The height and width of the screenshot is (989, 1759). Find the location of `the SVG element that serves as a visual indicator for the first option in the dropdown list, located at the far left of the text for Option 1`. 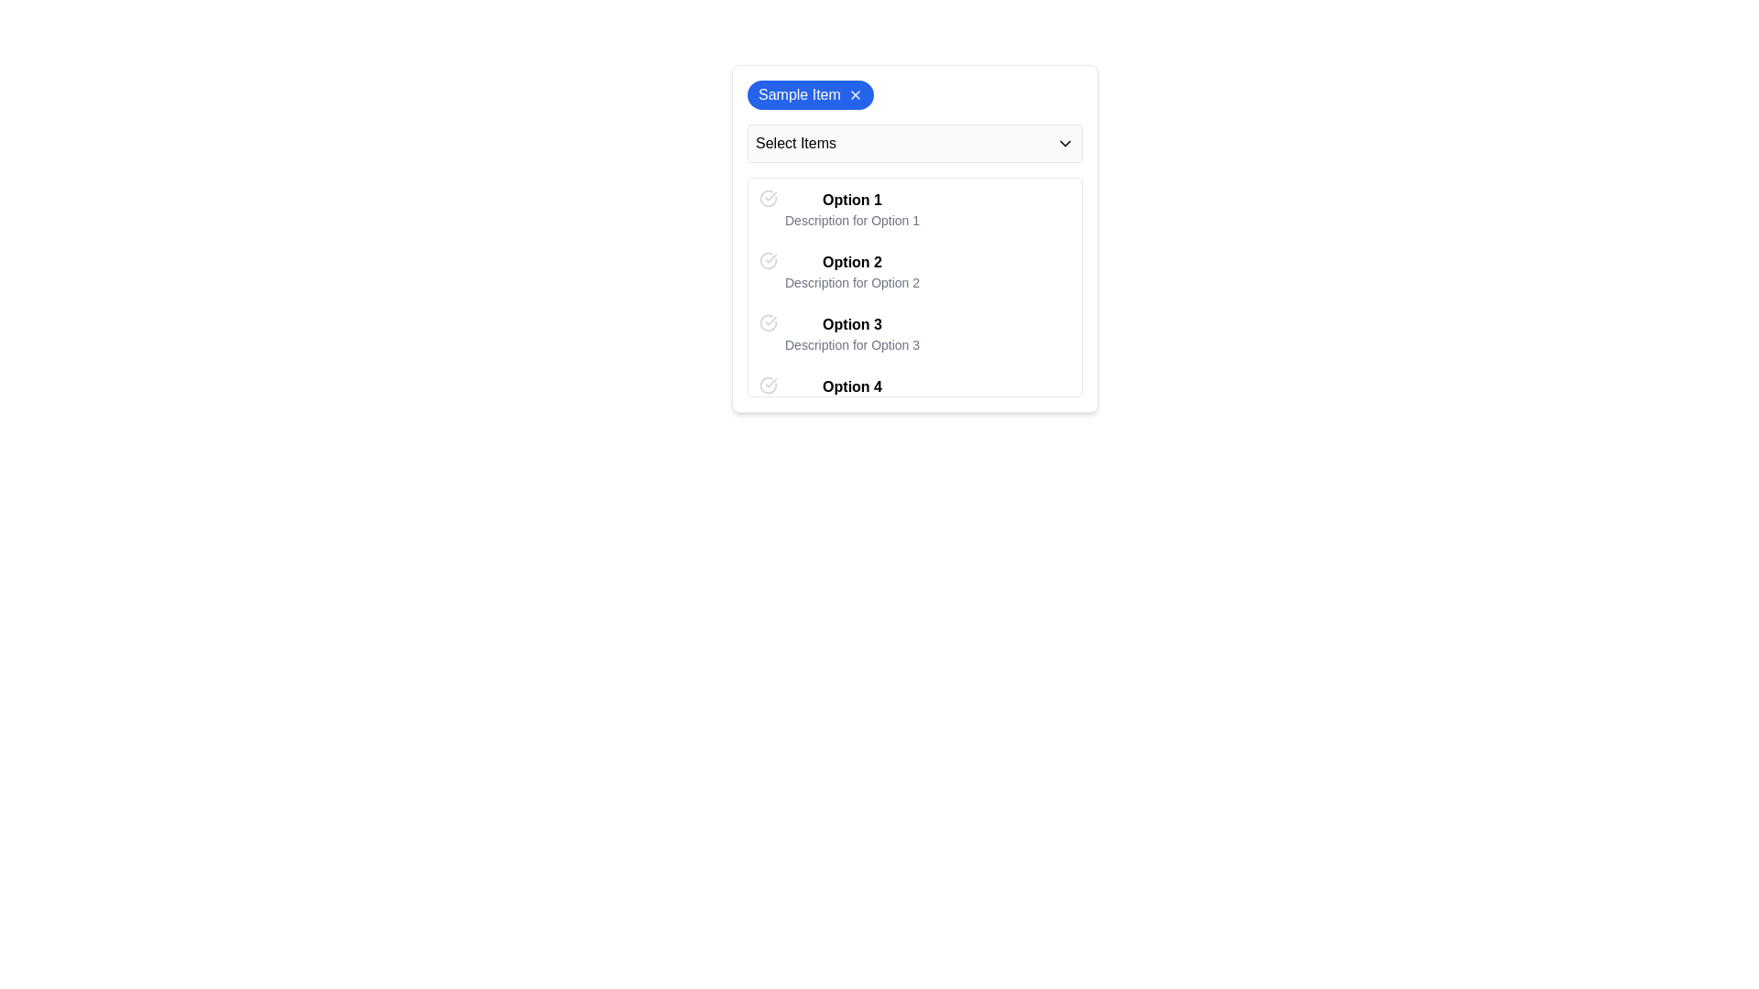

the SVG element that serves as a visual indicator for the first option in the dropdown list, located at the far left of the text for Option 1 is located at coordinates (769, 198).